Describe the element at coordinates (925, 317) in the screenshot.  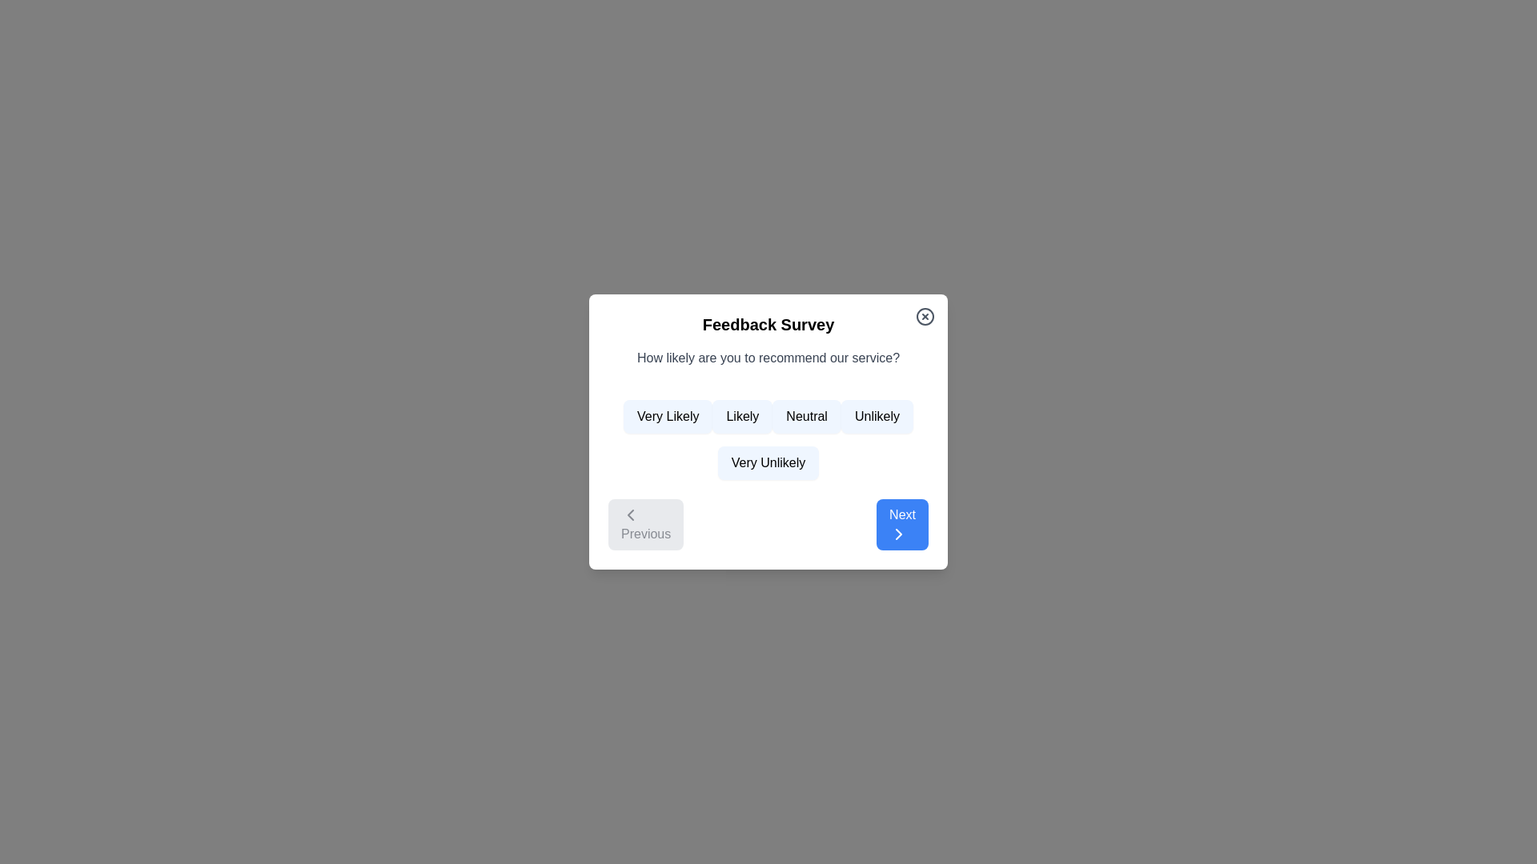
I see `the circular close button with a cross mark located in the top-right corner of the feedback survey modal` at that location.